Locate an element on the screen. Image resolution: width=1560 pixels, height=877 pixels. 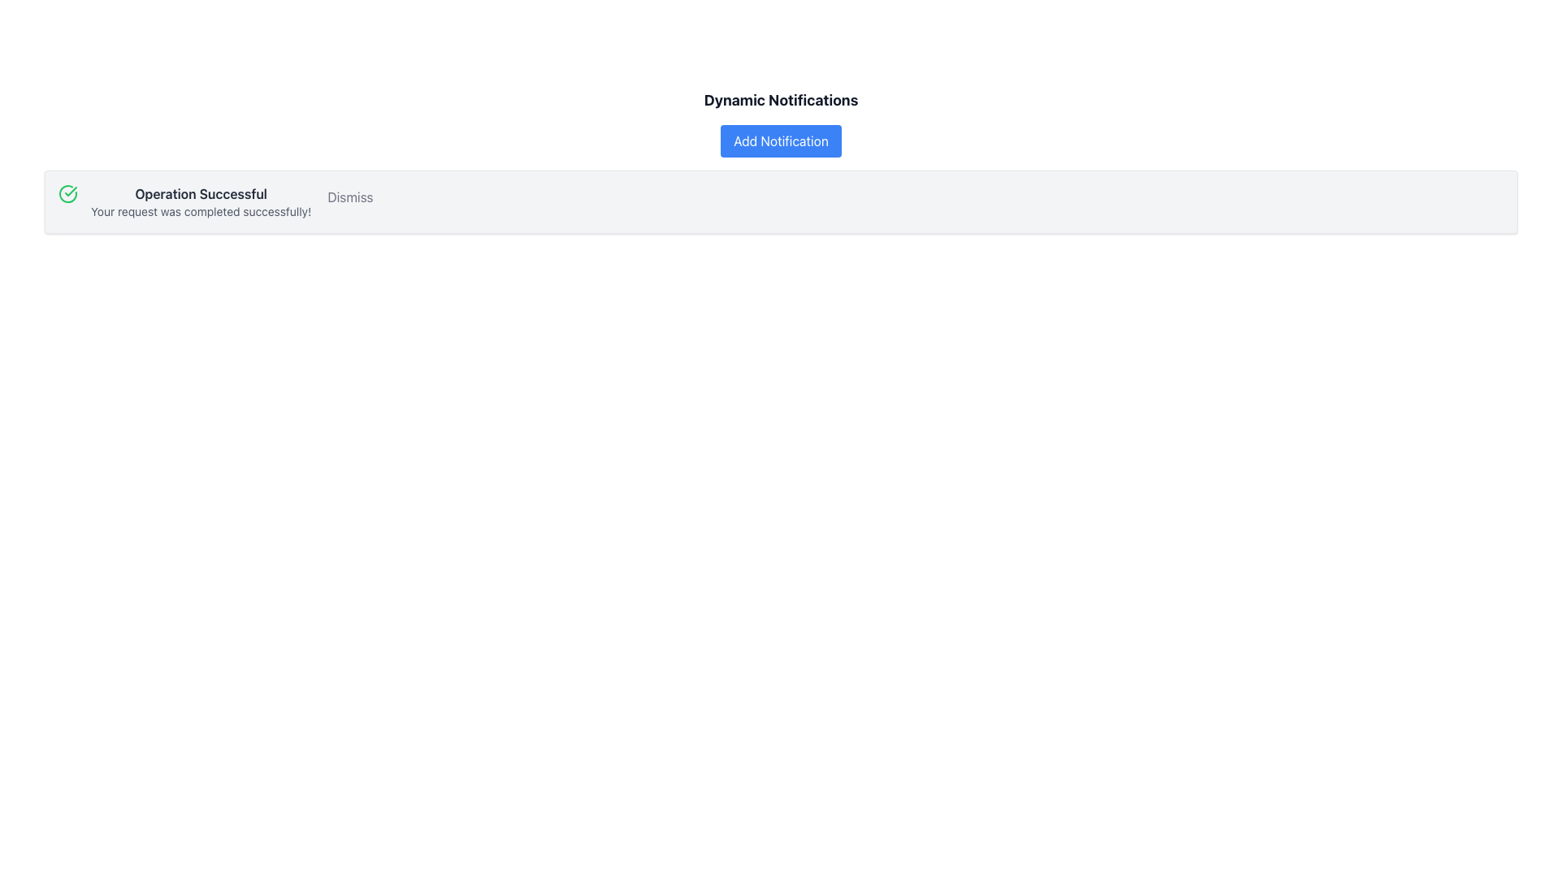
the circular green check mark icon that indicates a successful operation, which is located next to the notification text saying 'Operation Successful' is located at coordinates (67, 193).